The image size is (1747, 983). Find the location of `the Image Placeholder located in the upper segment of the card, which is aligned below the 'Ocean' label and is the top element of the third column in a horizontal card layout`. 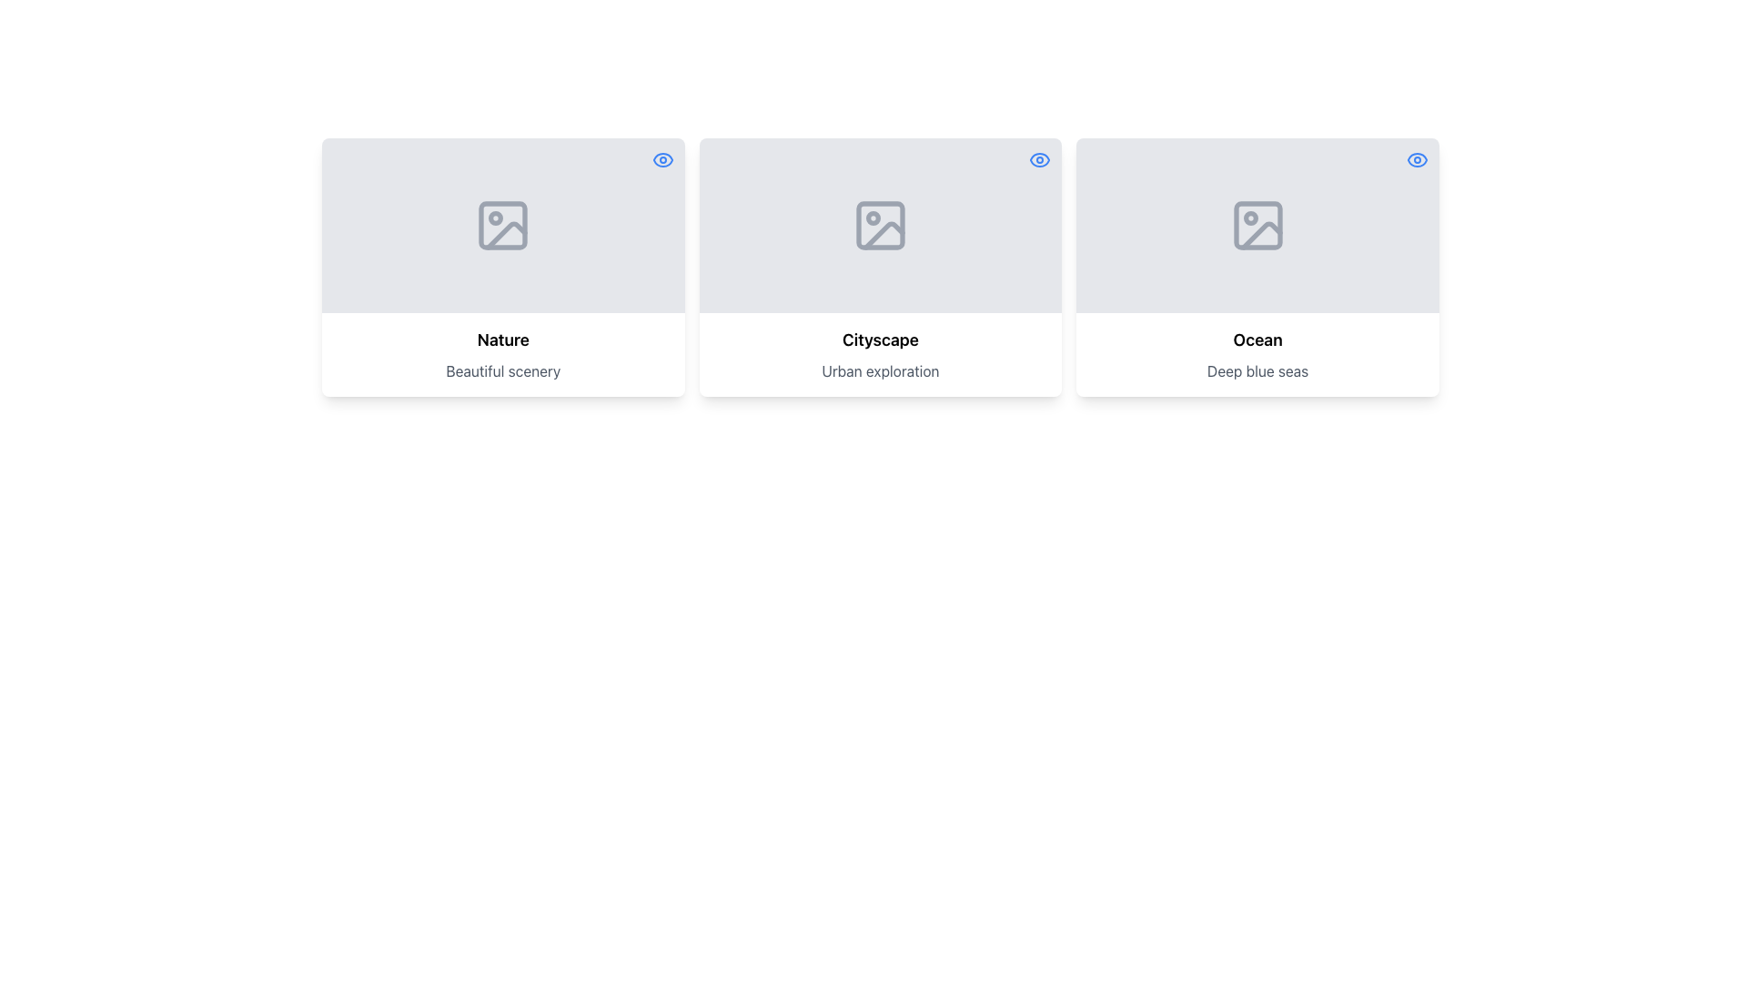

the Image Placeholder located in the upper segment of the card, which is aligned below the 'Ocean' label and is the top element of the third column in a horizontal card layout is located at coordinates (1257, 224).